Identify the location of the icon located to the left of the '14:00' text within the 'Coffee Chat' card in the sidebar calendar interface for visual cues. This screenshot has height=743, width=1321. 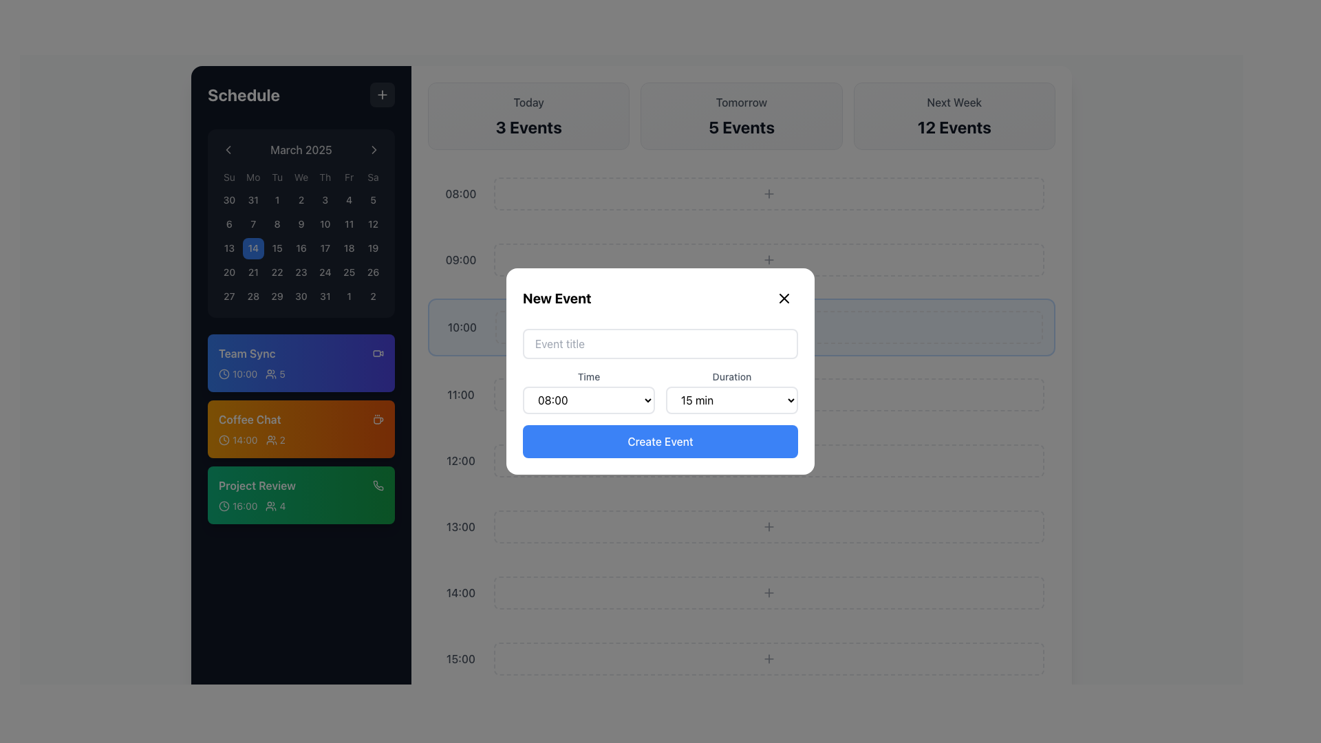
(224, 440).